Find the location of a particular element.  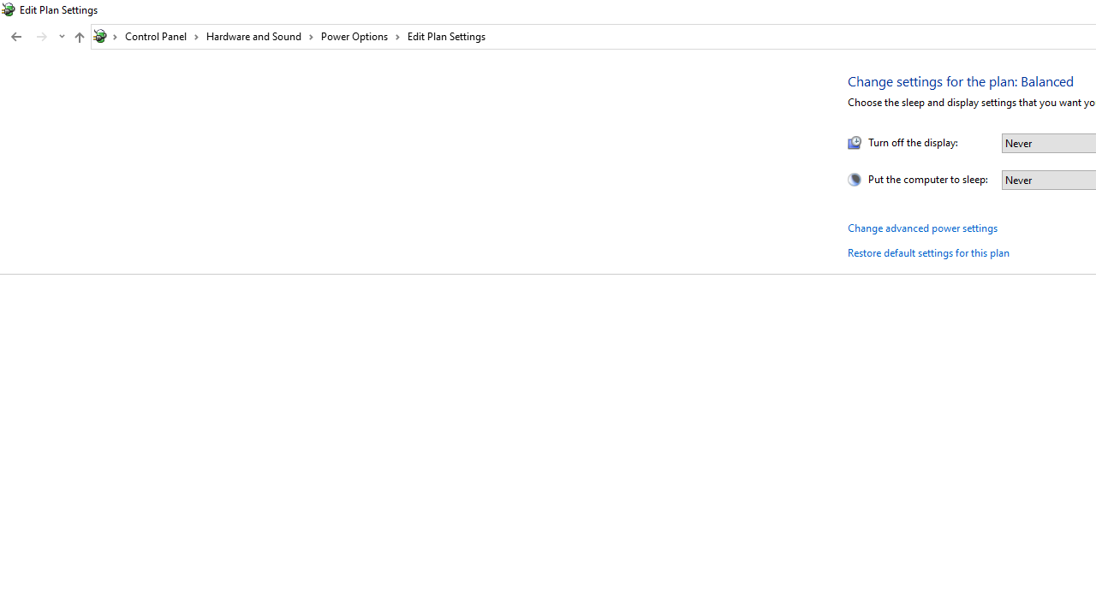

'System' is located at coordinates (9, 9).